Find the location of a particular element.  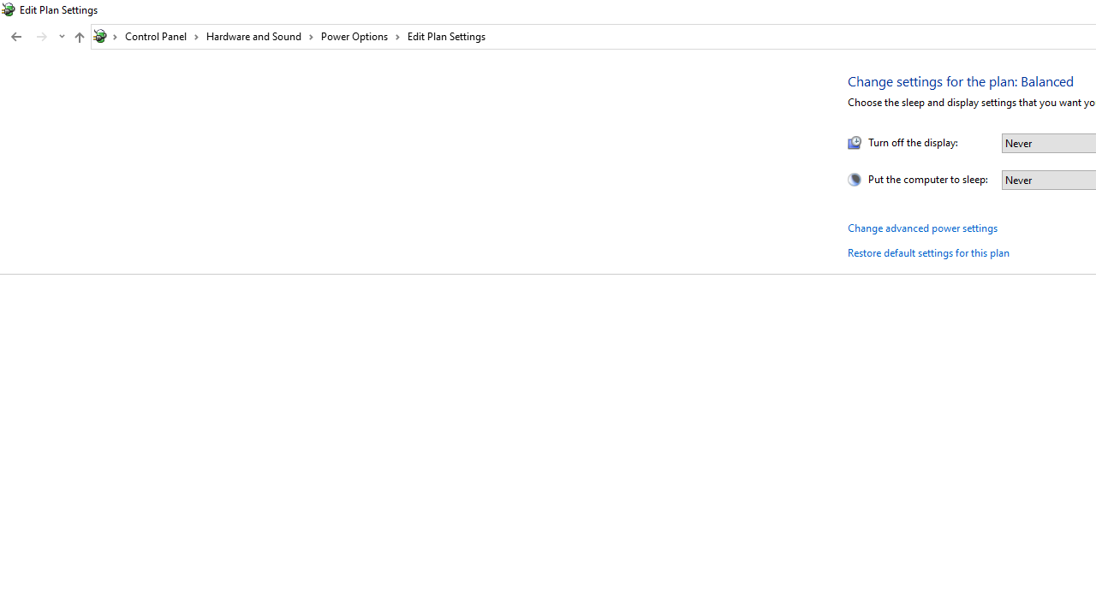

'System' is located at coordinates (9, 9).